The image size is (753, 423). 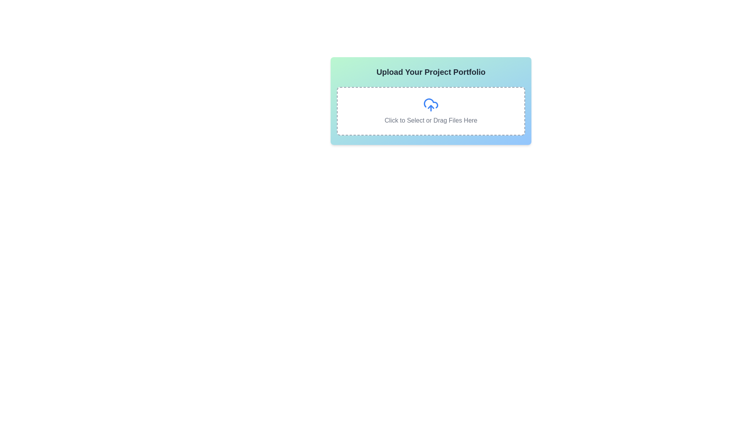 What do you see at coordinates (431, 101) in the screenshot?
I see `the interactive file upload area located centrally beneath the title text` at bounding box center [431, 101].